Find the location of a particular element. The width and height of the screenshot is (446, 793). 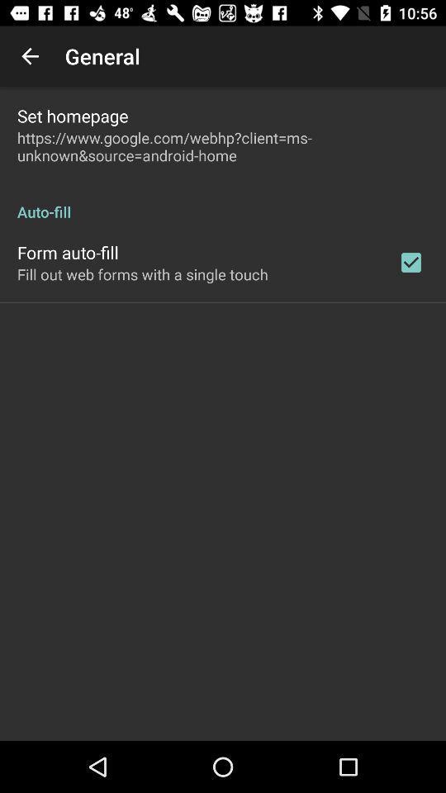

item next to general is located at coordinates (30, 56).